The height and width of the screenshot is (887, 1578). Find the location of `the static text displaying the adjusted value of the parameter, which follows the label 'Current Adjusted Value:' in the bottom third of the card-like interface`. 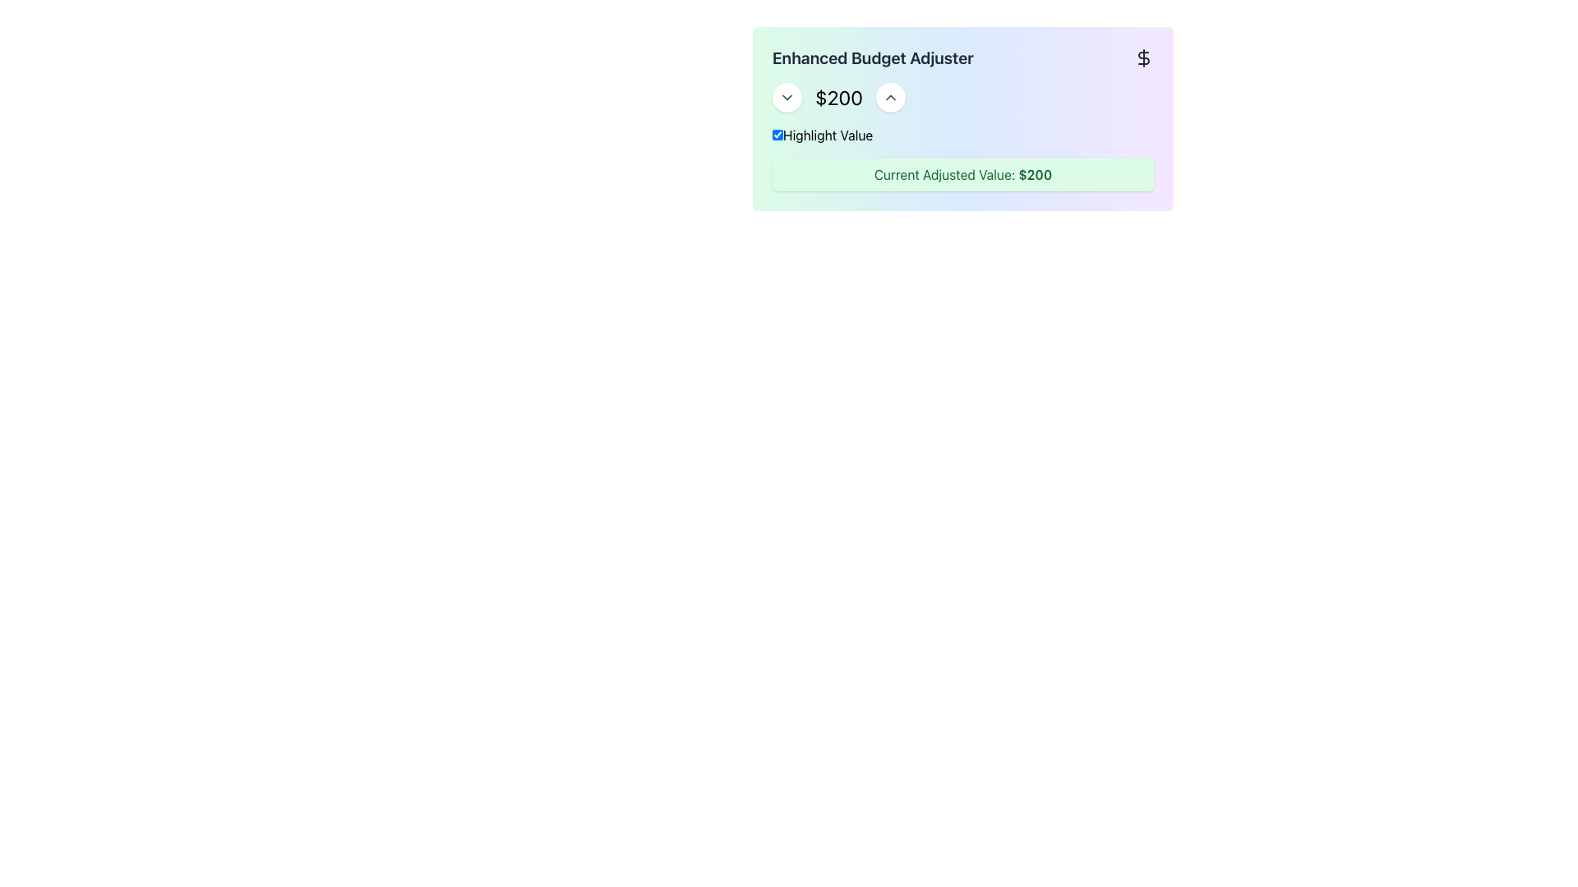

the static text displaying the adjusted value of the parameter, which follows the label 'Current Adjusted Value:' in the bottom third of the card-like interface is located at coordinates (1034, 174).